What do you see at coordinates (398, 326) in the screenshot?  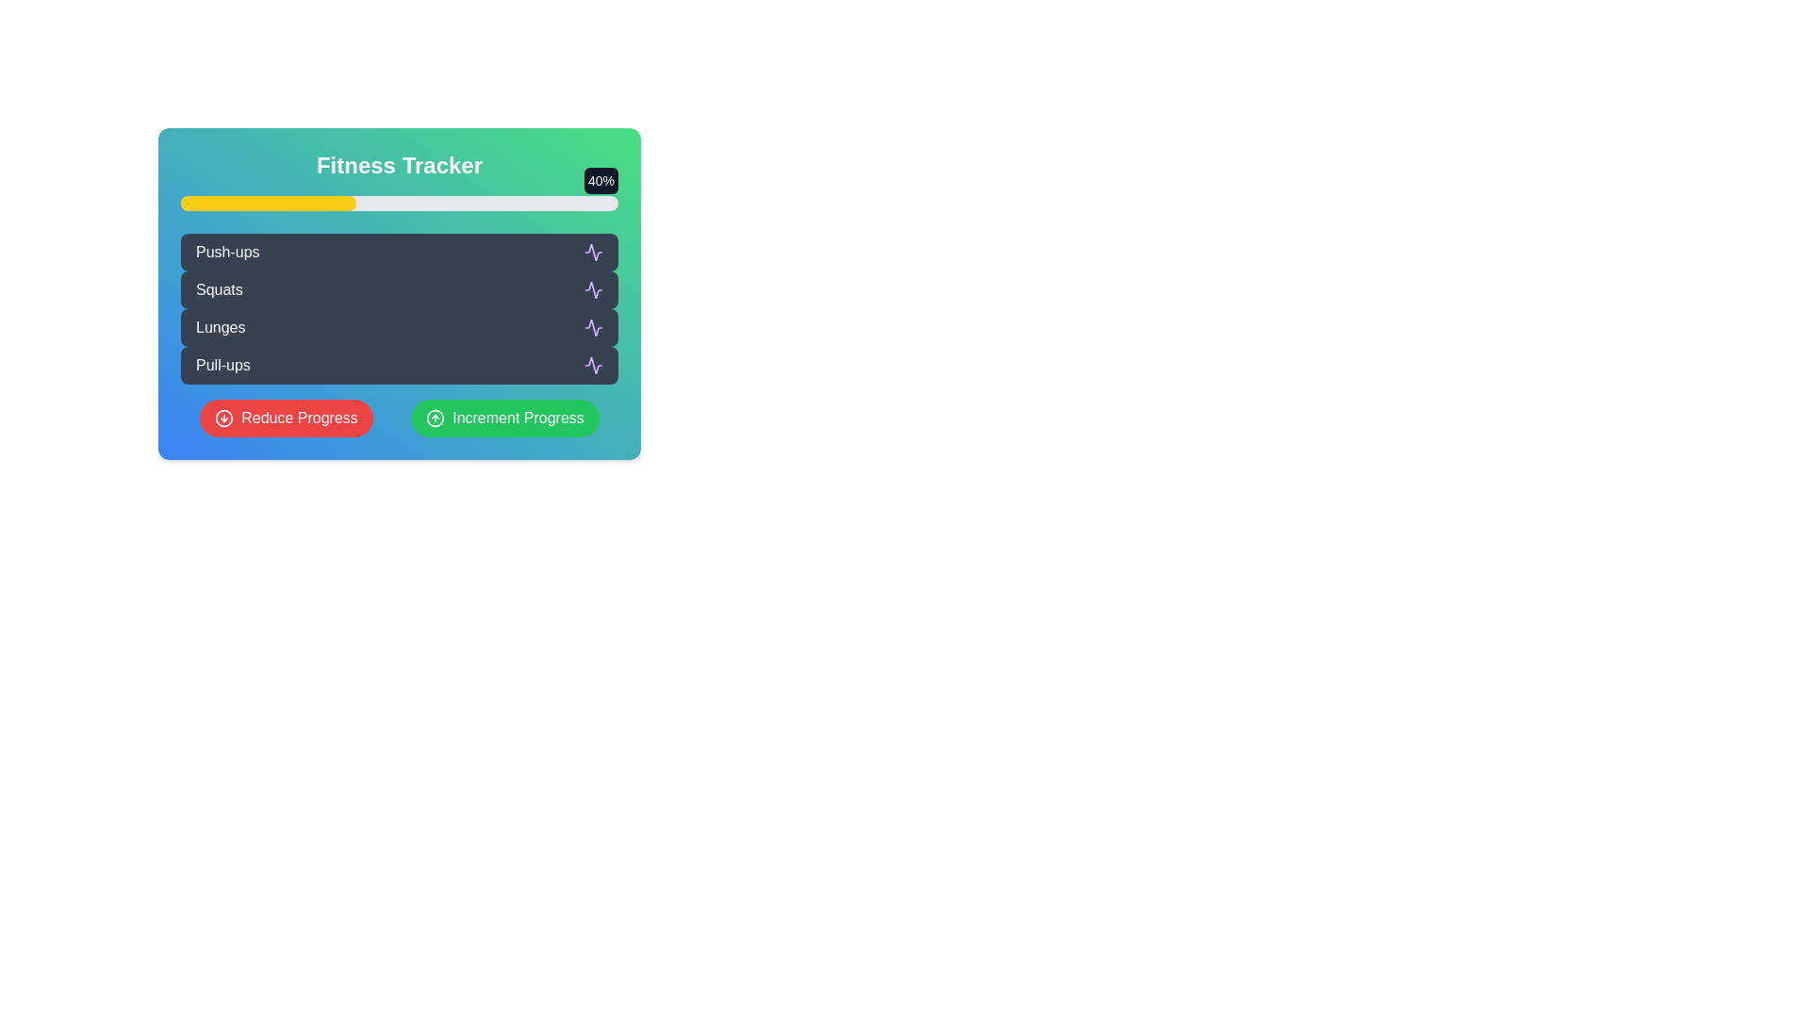 I see `the 'Lunges' item in the Fitness Tracker card, which is the third item in the list` at bounding box center [398, 326].